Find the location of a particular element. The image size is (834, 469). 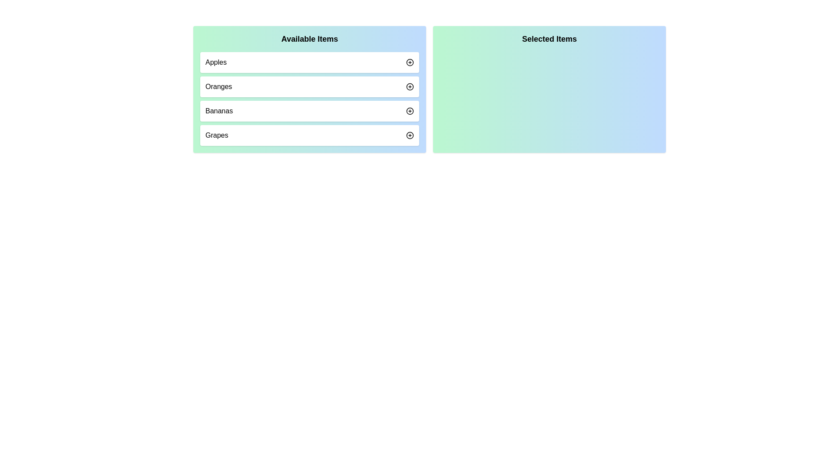

the button corresponding to Oranges to observe the hover effect is located at coordinates (410, 87).